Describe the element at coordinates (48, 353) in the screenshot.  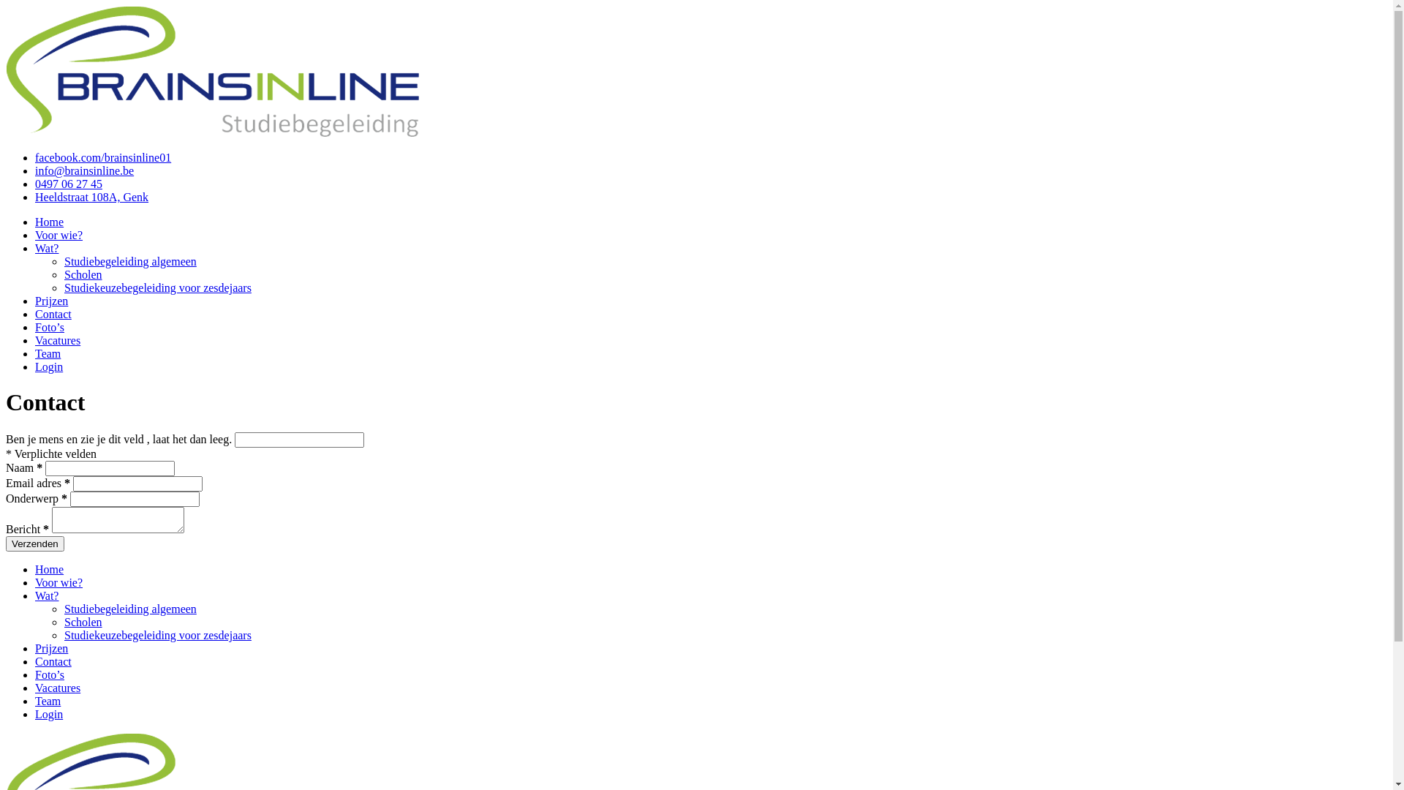
I see `'Team'` at that location.